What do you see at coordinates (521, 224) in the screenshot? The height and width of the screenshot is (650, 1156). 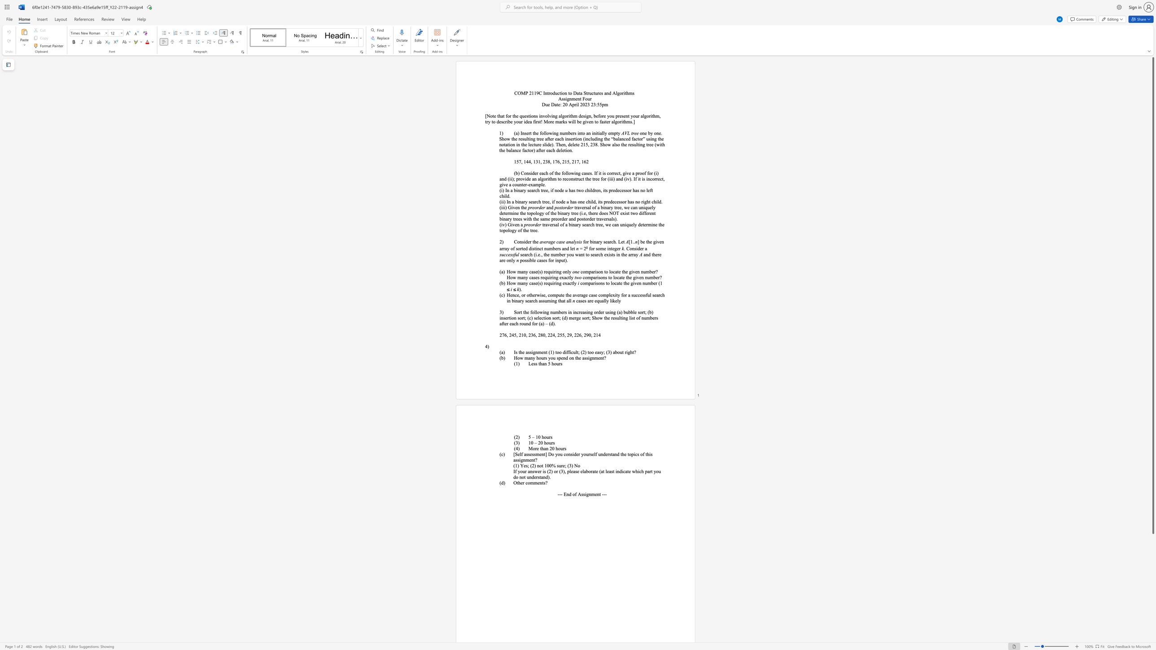 I see `the 1th character "a" in the text` at bounding box center [521, 224].